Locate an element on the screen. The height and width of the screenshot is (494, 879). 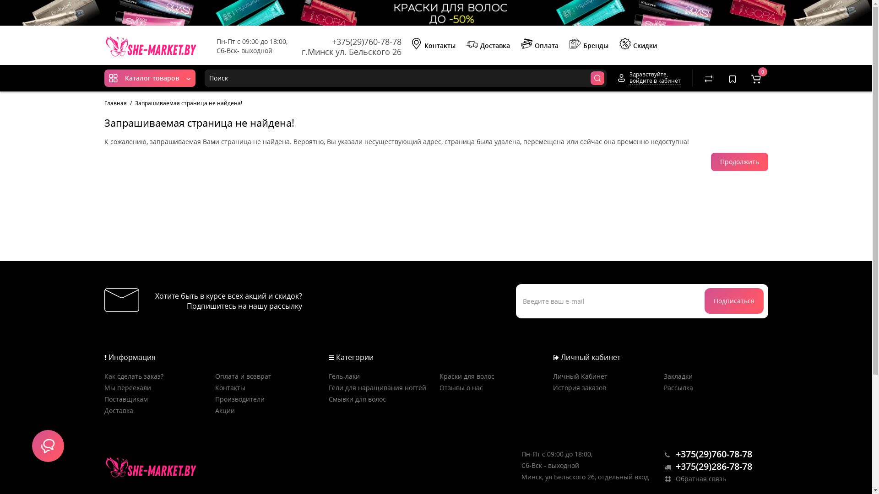
'+375(29)286-78-78' is located at coordinates (664, 467).